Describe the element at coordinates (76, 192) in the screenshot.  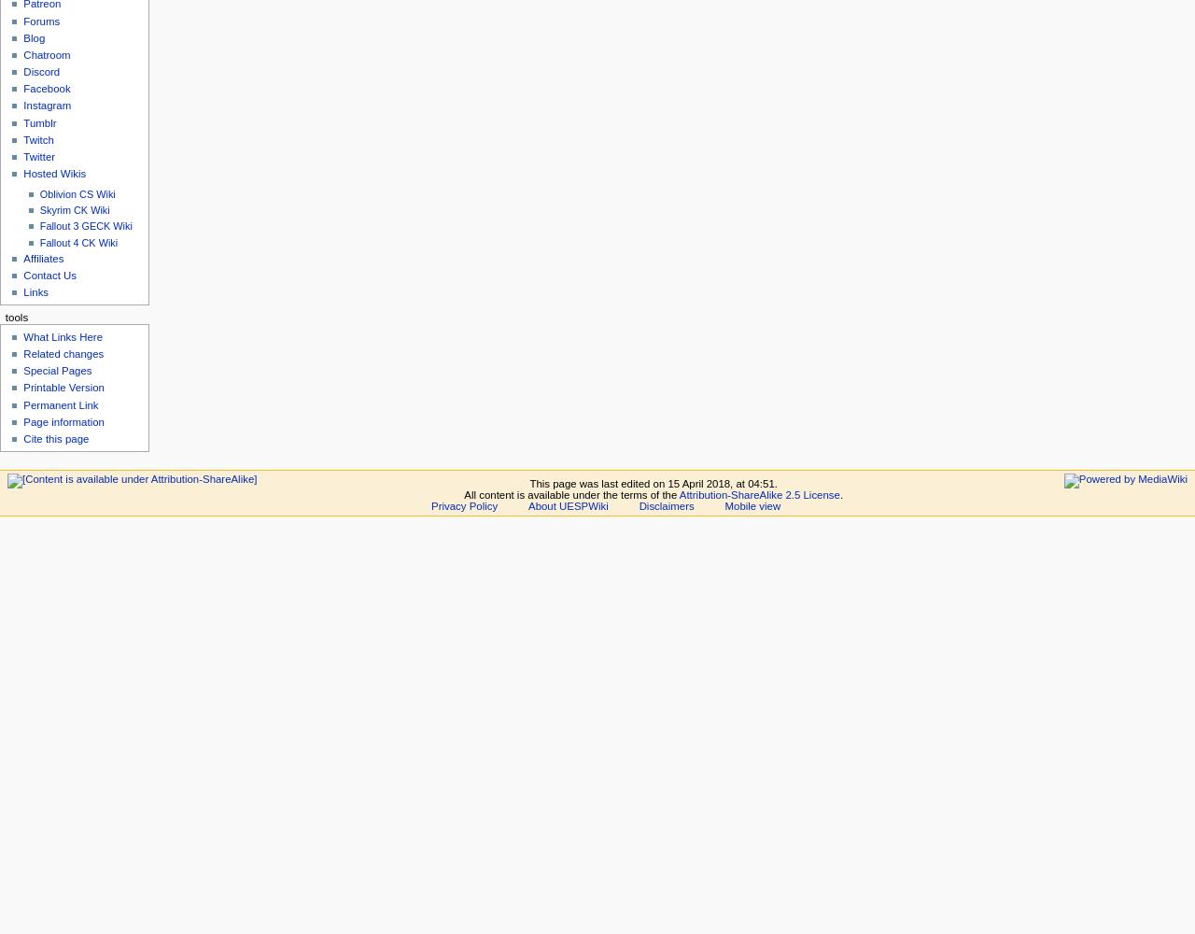
I see `'Oblivion CS Wiki'` at that location.